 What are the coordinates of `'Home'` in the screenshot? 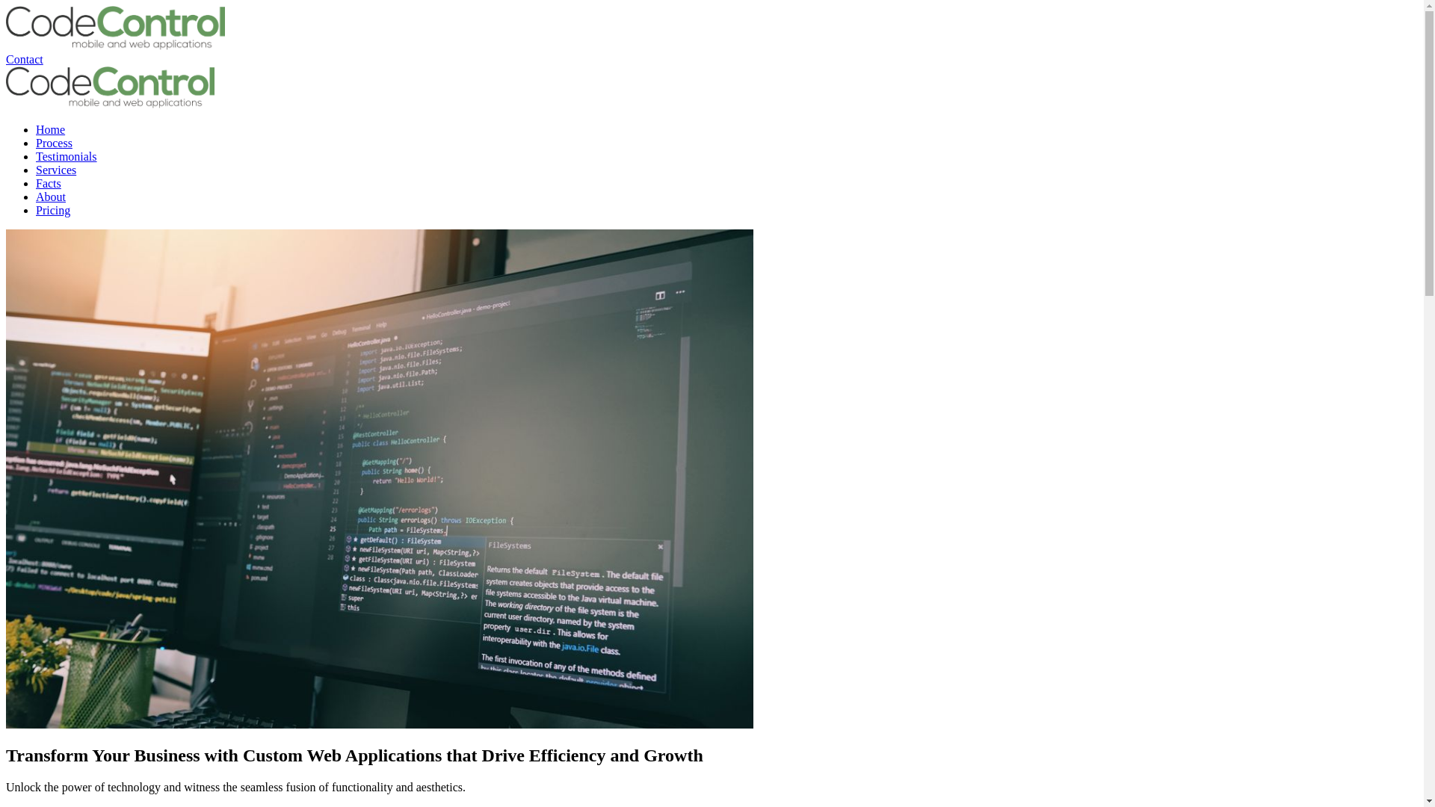 It's located at (50, 129).